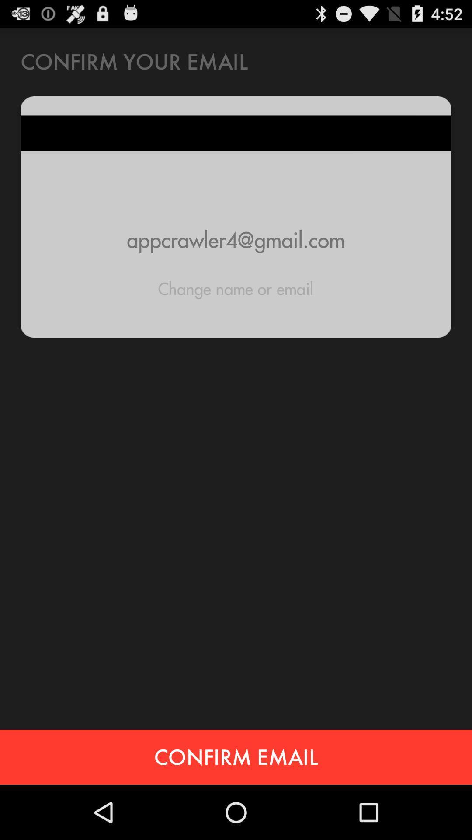  I want to click on icon above the confirm email item, so click(235, 289).